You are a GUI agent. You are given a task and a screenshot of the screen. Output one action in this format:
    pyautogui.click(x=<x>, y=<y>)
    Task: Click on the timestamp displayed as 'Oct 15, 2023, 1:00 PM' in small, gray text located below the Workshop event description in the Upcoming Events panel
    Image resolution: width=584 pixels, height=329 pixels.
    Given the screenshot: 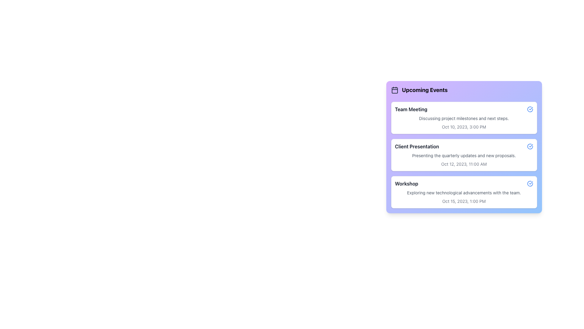 What is the action you would take?
    pyautogui.click(x=464, y=201)
    